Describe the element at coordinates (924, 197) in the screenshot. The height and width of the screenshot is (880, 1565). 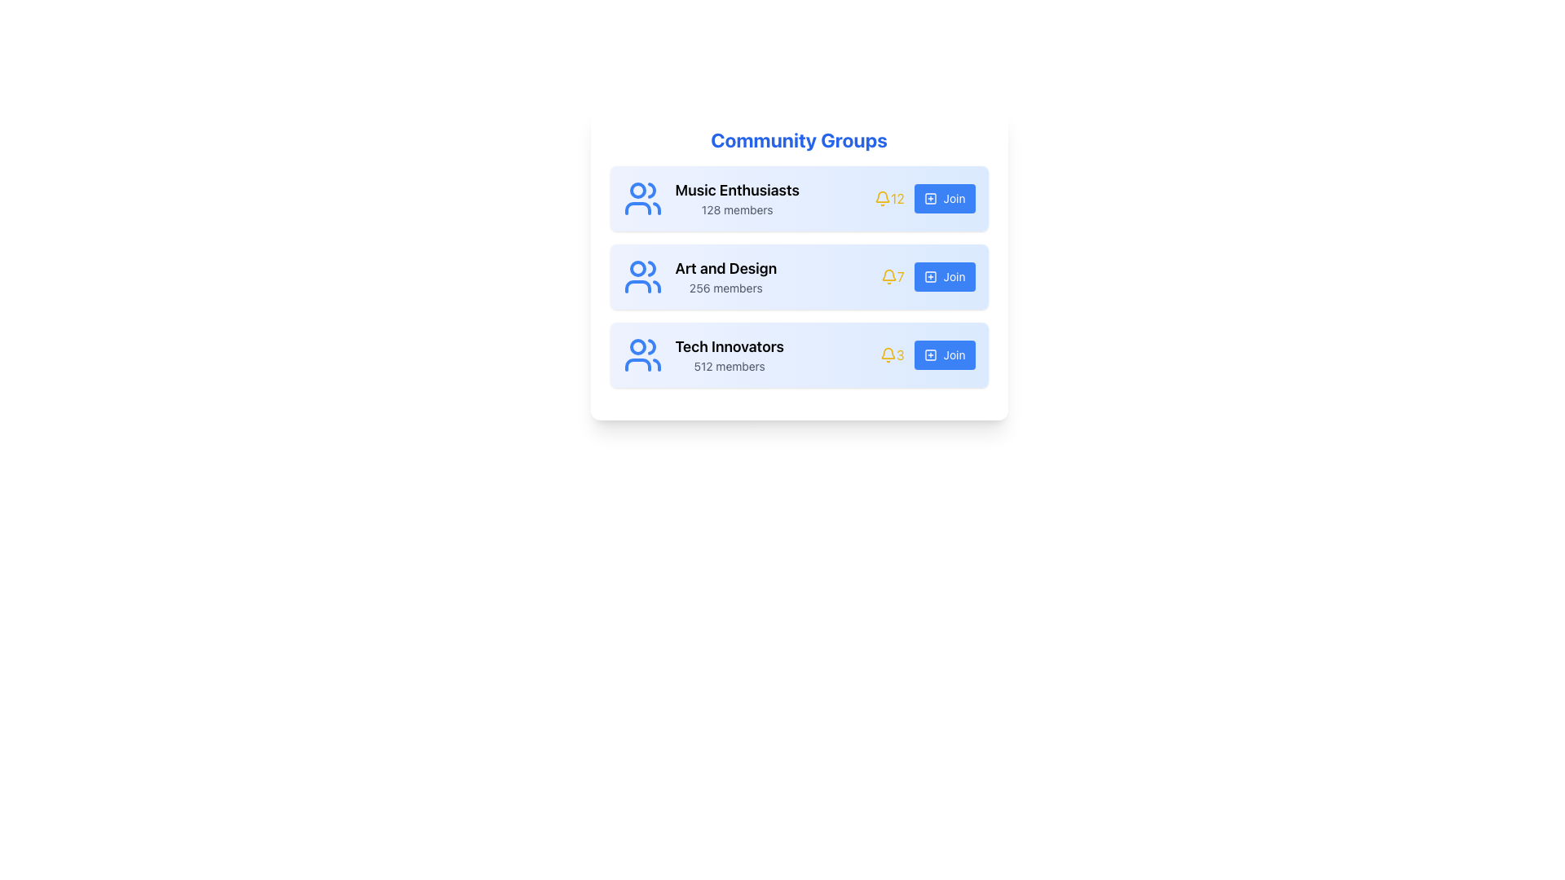
I see `the 'Join' button for the 'Music Enthusiasts 128 members' group located in the 'Community Groups' section` at that location.